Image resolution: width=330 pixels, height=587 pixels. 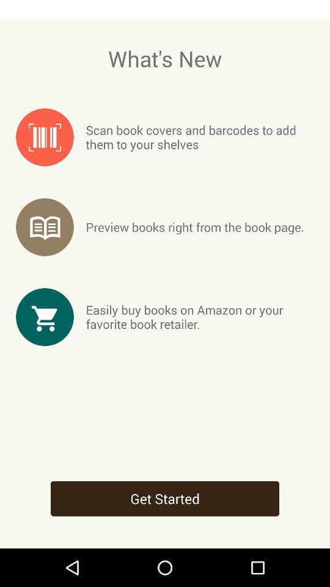 What do you see at coordinates (200, 137) in the screenshot?
I see `item below what's new item` at bounding box center [200, 137].